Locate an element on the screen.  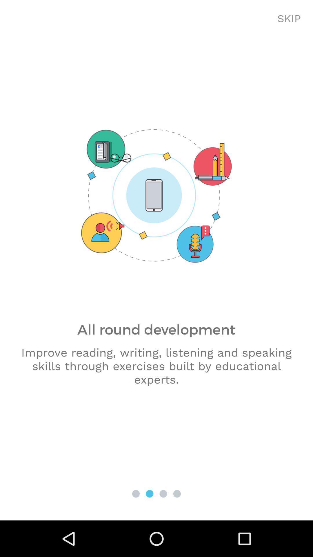
skip is located at coordinates (289, 19).